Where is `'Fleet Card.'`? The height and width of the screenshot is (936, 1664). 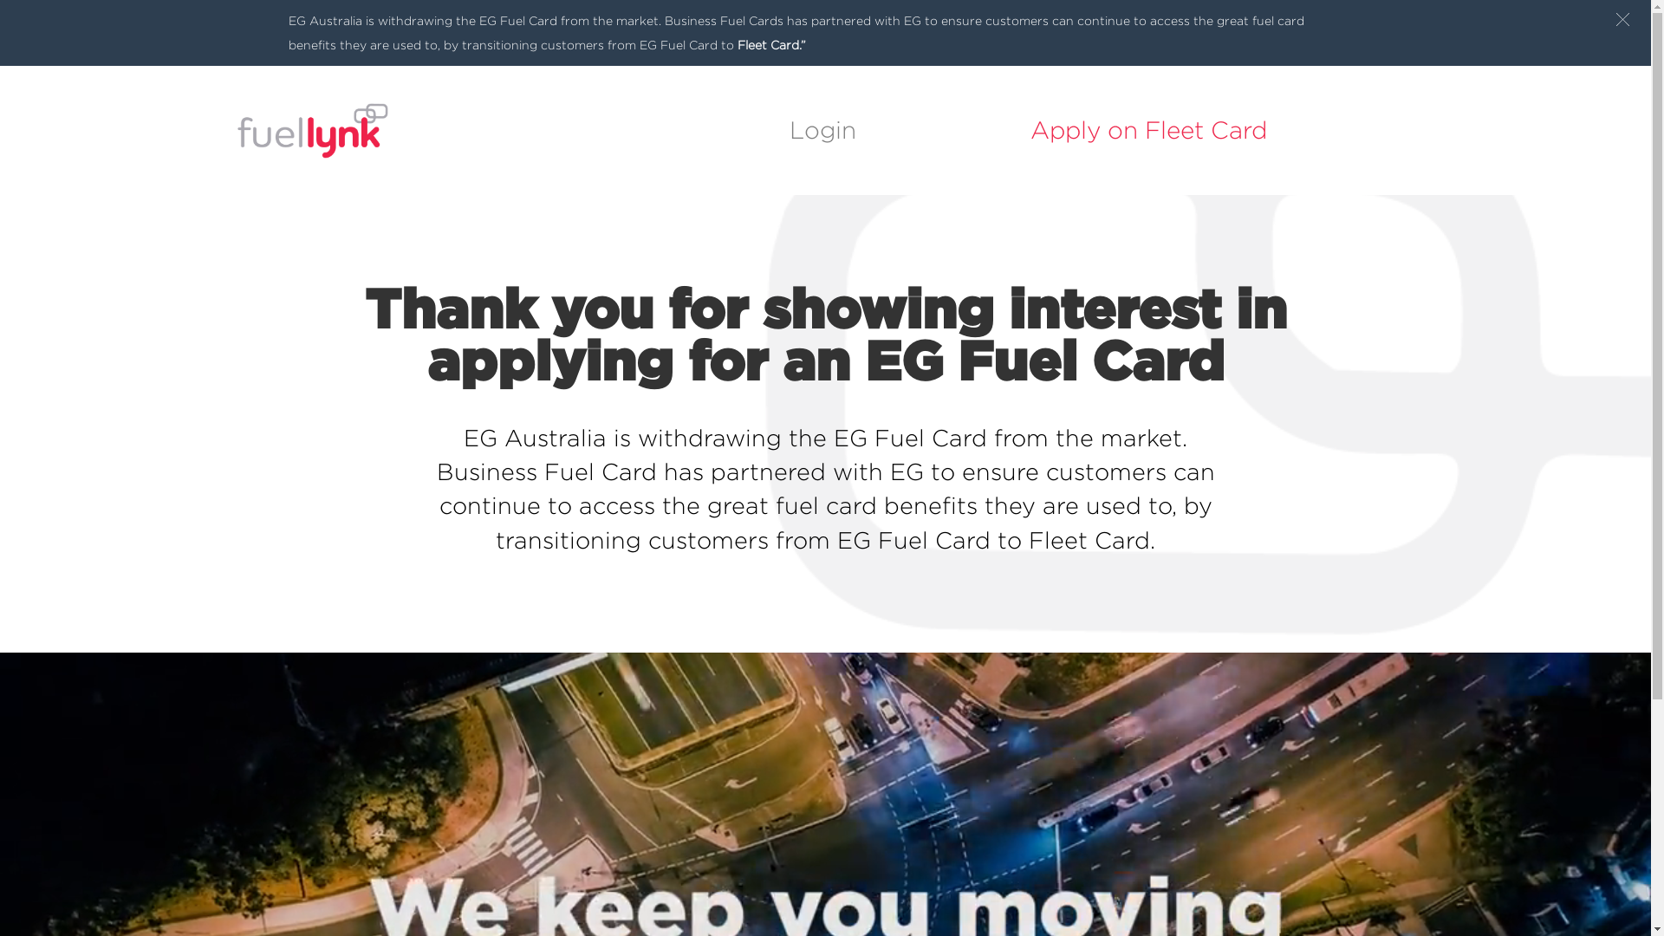
'Fleet Card.' is located at coordinates (767, 43).